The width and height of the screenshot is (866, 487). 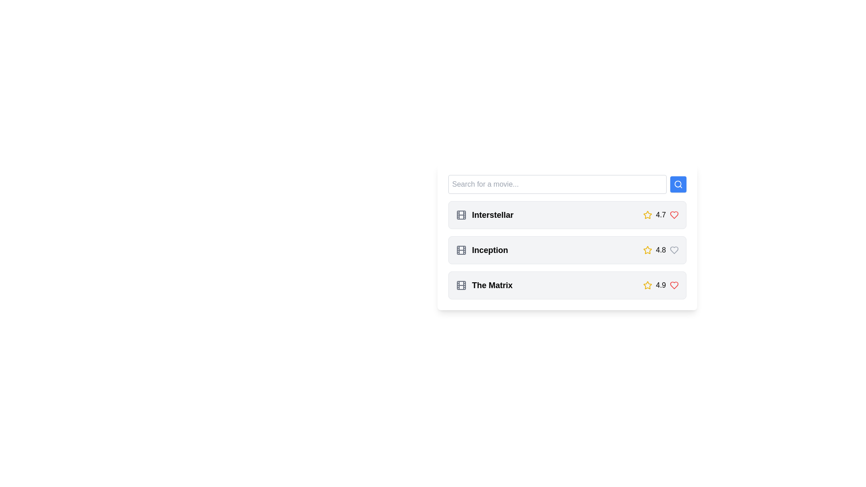 I want to click on the small rectangular SVG element styled as a film frame, located next to the text 'The Matrix', so click(x=461, y=285).